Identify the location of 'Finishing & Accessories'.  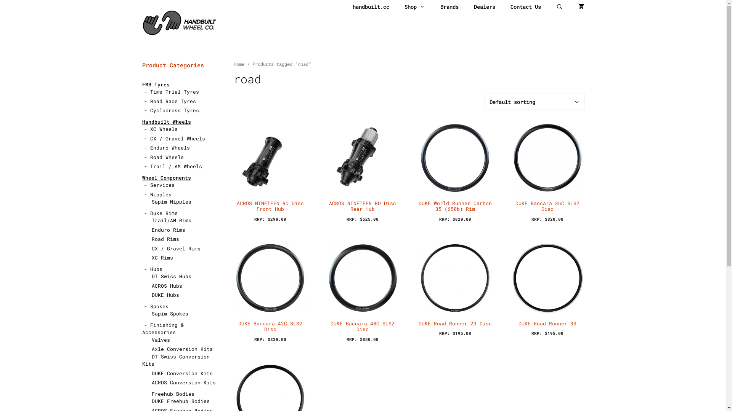
(162, 328).